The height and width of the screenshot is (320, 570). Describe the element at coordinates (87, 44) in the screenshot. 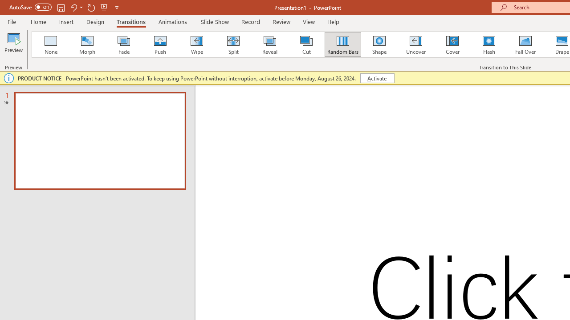

I see `'Morph'` at that location.